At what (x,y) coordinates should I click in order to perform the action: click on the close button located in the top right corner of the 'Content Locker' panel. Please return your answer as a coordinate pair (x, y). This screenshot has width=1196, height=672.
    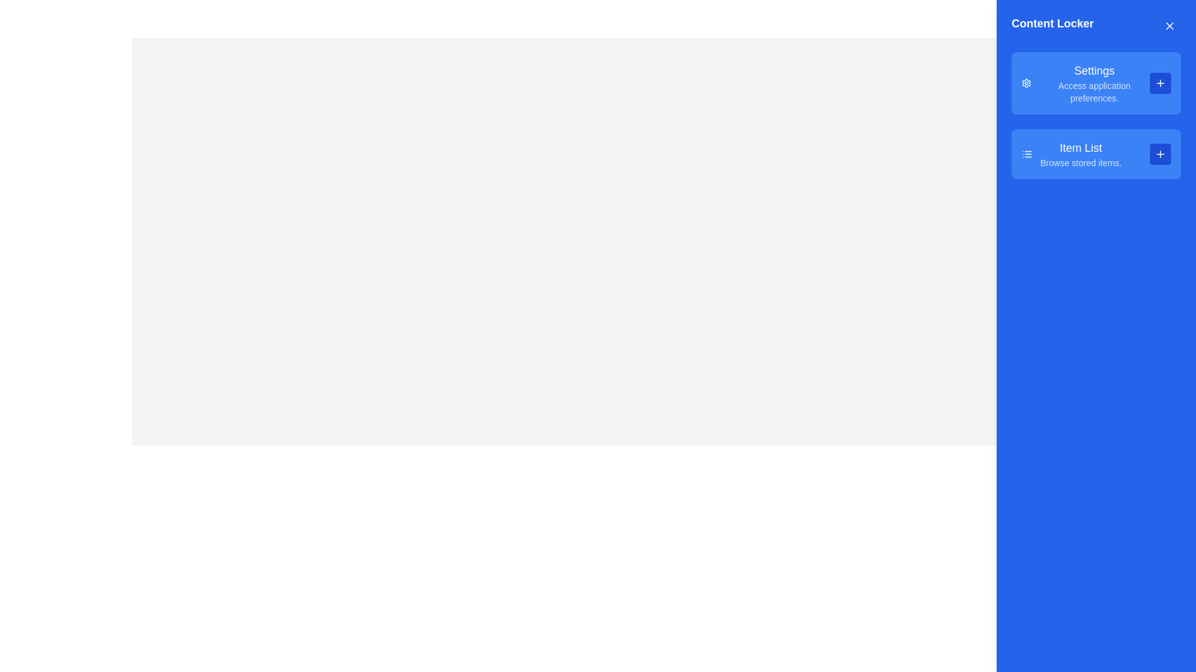
    Looking at the image, I should click on (1169, 26).